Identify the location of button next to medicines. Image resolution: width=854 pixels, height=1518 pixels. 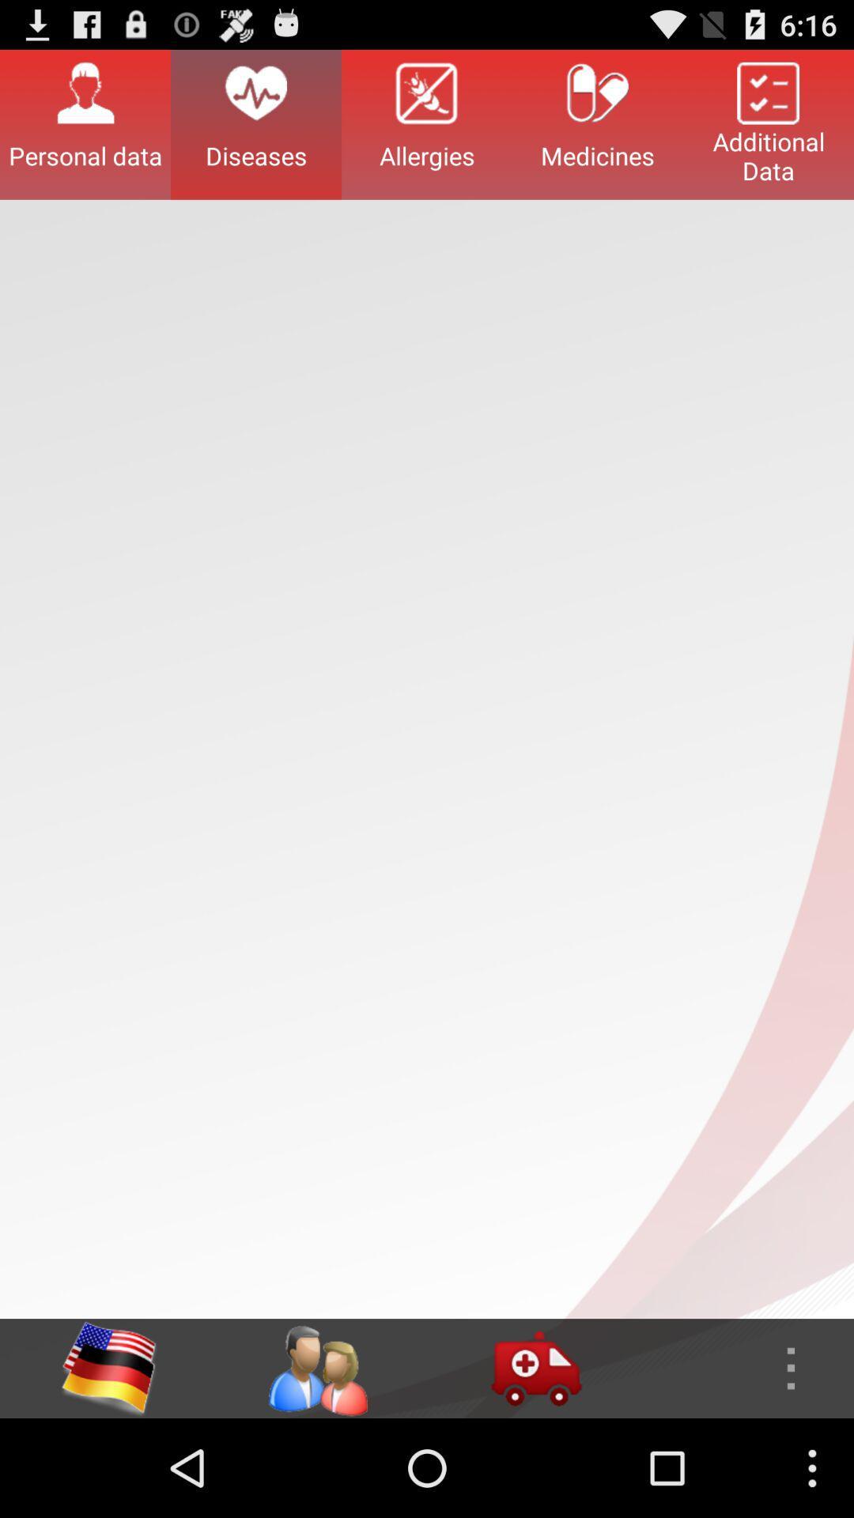
(427, 123).